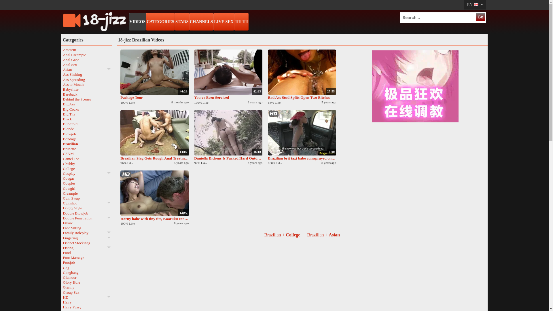  I want to click on '12:00', so click(154, 193).